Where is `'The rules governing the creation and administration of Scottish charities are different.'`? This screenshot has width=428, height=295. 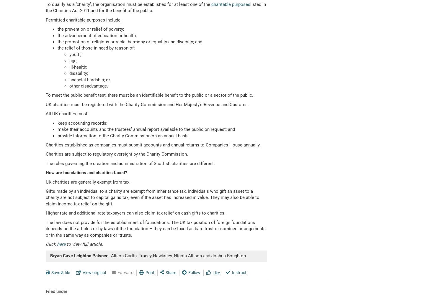 'The rules governing the creation and administration of Scottish charities are different.' is located at coordinates (130, 163).